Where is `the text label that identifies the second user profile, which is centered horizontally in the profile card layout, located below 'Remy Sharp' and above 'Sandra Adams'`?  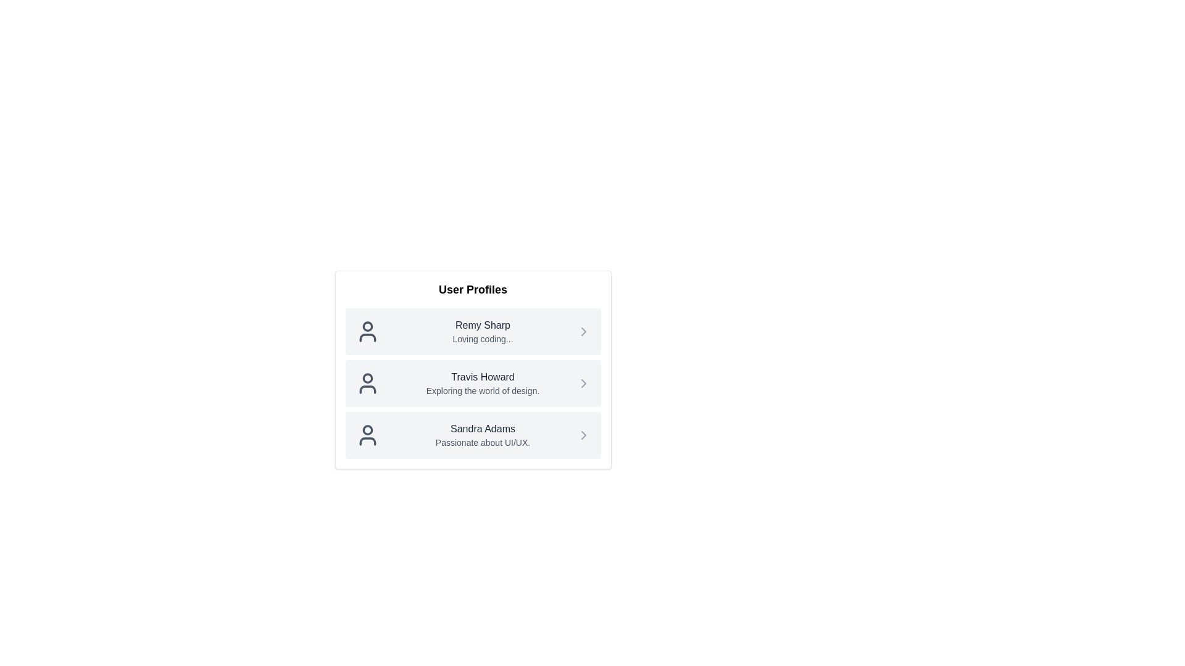
the text label that identifies the second user profile, which is centered horizontally in the profile card layout, located below 'Remy Sharp' and above 'Sandra Adams' is located at coordinates (482, 377).